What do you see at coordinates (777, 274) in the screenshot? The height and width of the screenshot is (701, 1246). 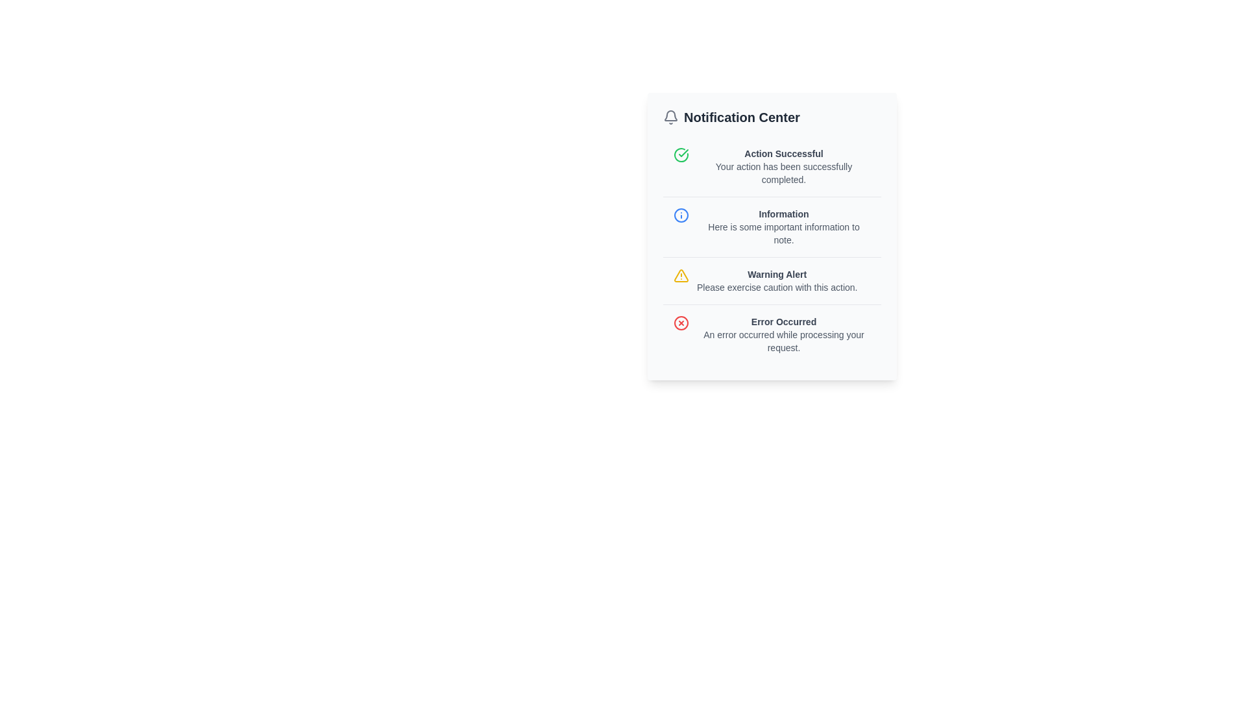 I see `alert heading text located in the Notification Center panel, specifically under the warning notification section, above the description text 'Please exercise caution with this action.'` at bounding box center [777, 274].